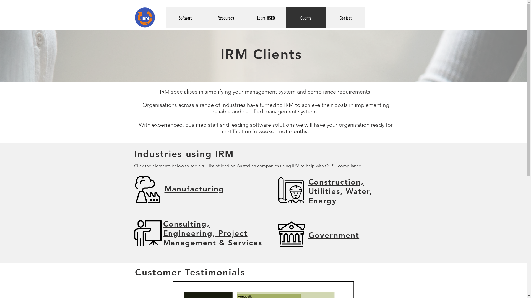  I want to click on 'Manufacturing', so click(164, 188).